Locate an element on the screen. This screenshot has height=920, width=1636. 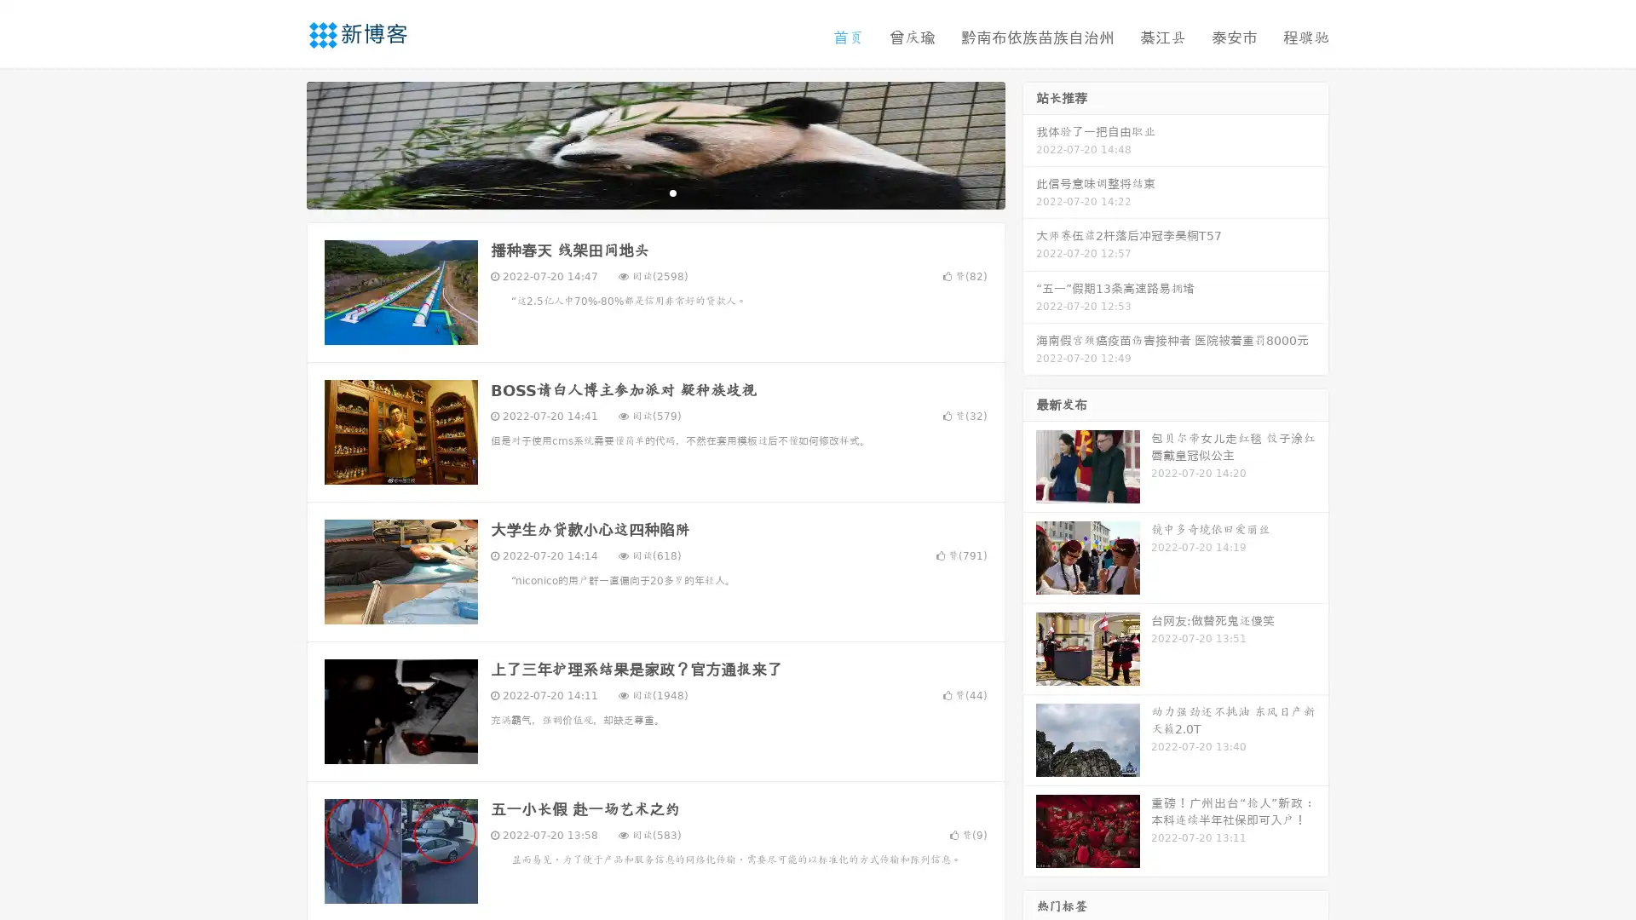
Go to slide 1 is located at coordinates (637, 192).